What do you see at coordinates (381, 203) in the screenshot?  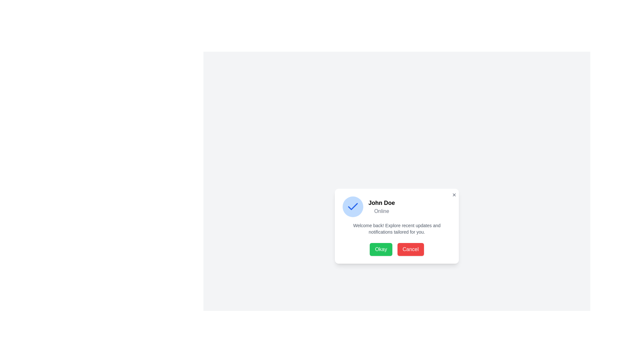 I see `the Text label displaying the name 'John Doe', which is located near the center of a dialog box above the 'Online' text` at bounding box center [381, 203].